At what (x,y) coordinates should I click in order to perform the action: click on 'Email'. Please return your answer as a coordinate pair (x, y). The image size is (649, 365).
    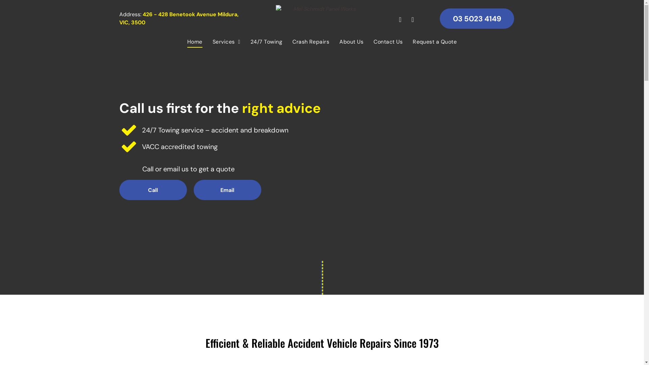
    Looking at the image, I should click on (227, 190).